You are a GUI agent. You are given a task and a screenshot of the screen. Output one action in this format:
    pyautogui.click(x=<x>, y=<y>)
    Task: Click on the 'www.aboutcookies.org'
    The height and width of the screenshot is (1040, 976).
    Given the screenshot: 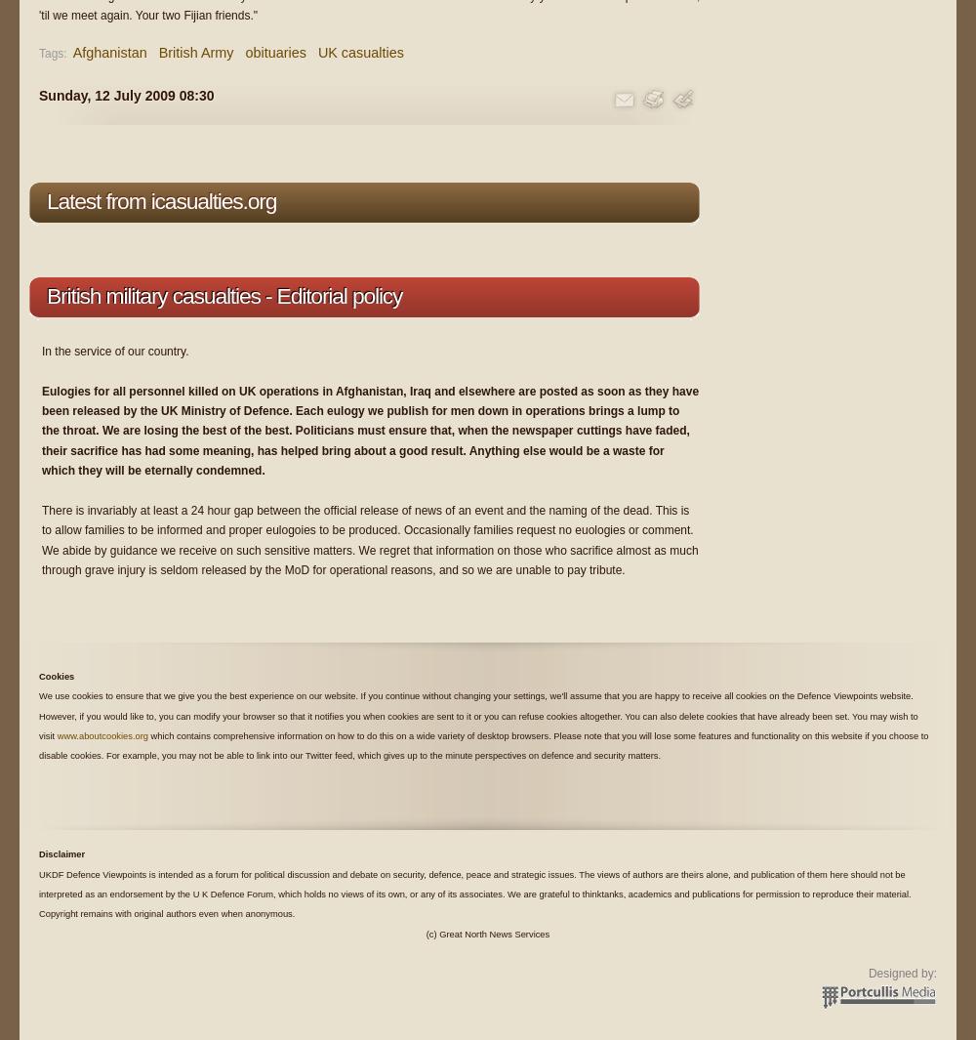 What is the action you would take?
    pyautogui.click(x=102, y=736)
    